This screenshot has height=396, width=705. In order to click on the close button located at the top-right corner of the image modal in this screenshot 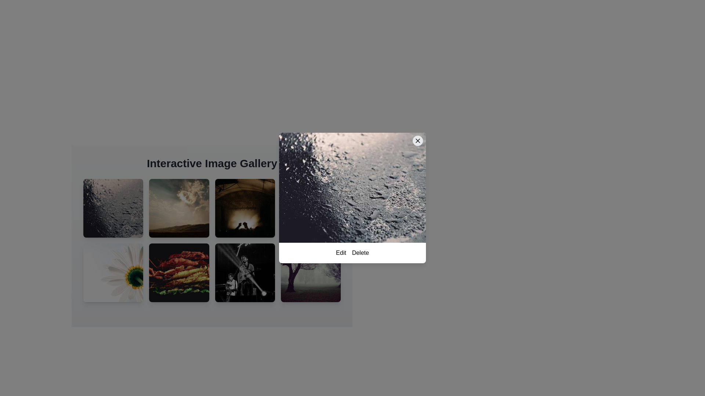, I will do `click(417, 141)`.